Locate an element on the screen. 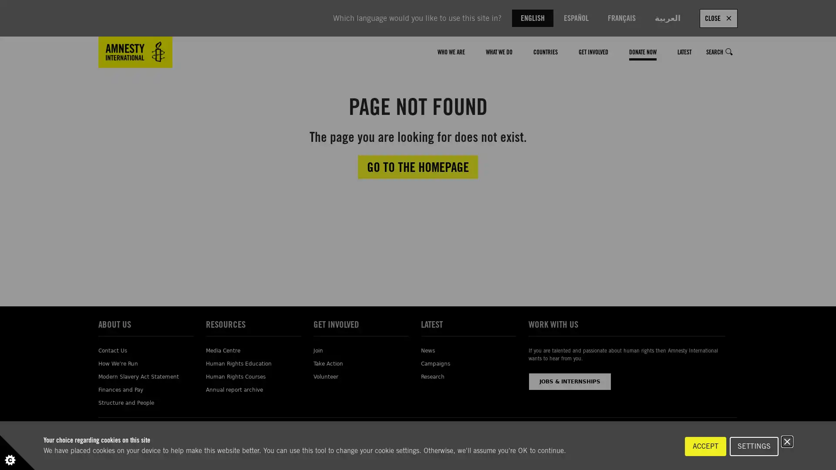 The height and width of the screenshot is (470, 836). Search is located at coordinates (719, 52).